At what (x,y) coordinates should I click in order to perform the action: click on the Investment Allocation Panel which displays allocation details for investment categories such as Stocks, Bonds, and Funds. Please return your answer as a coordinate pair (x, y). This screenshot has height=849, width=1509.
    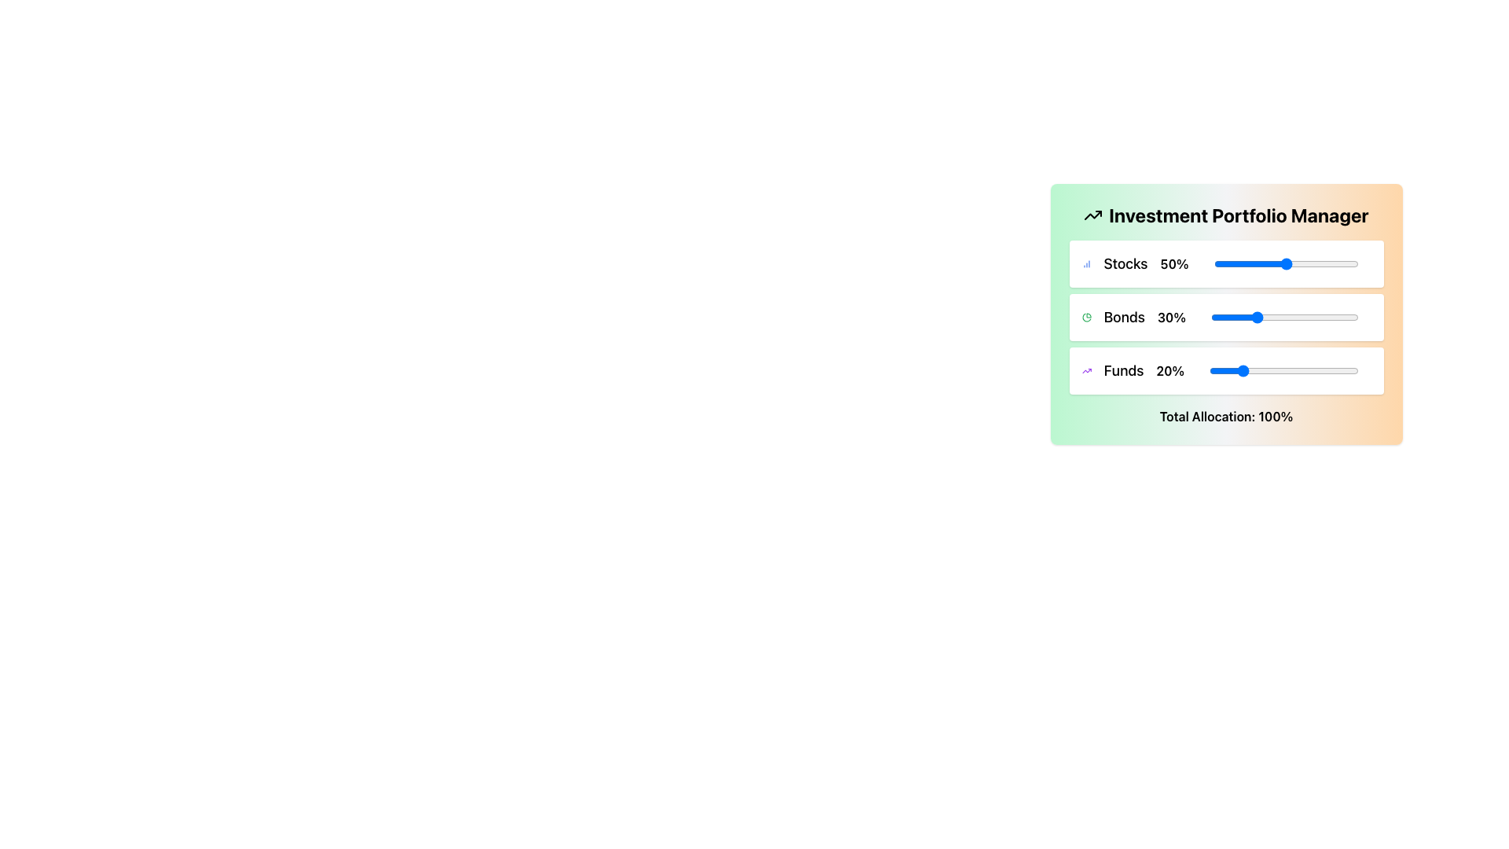
    Looking at the image, I should click on (1225, 318).